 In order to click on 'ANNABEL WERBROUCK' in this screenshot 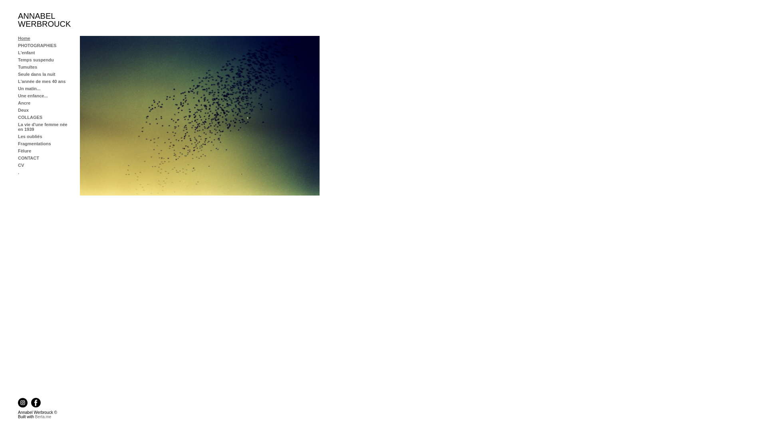, I will do `click(44, 20)`.